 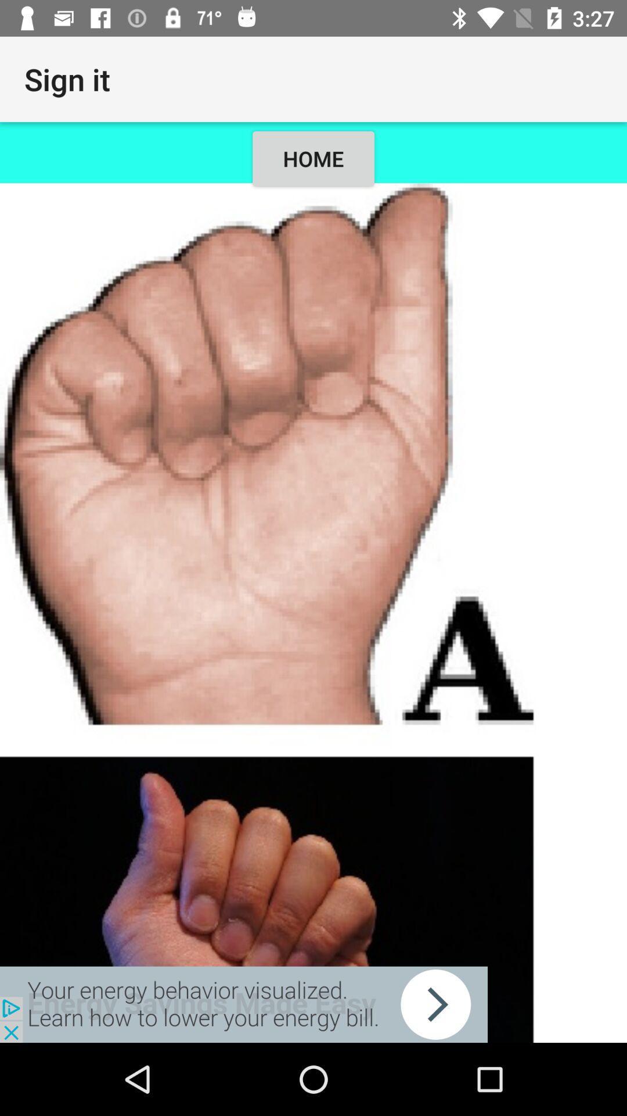 I want to click on click image, so click(x=313, y=612).